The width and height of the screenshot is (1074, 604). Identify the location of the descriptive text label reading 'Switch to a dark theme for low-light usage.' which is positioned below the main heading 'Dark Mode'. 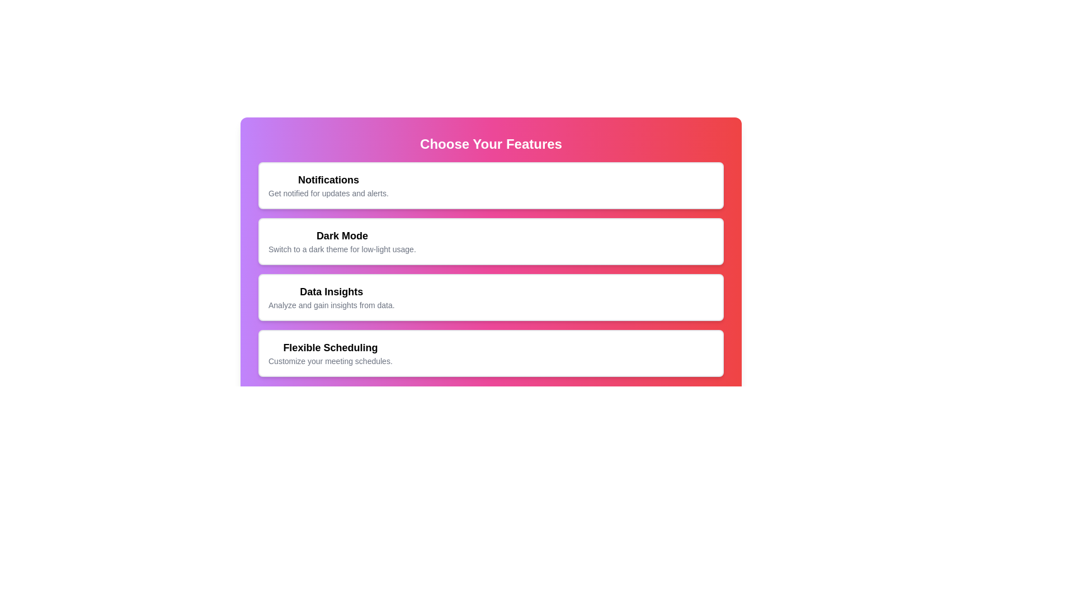
(341, 249).